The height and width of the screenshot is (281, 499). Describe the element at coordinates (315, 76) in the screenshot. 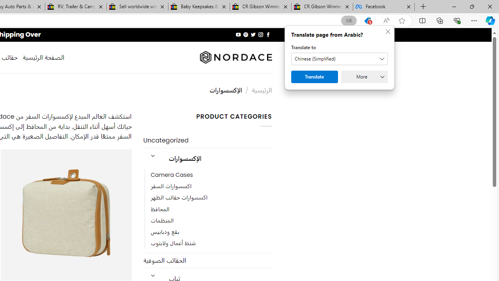

I see `'Translate'` at that location.